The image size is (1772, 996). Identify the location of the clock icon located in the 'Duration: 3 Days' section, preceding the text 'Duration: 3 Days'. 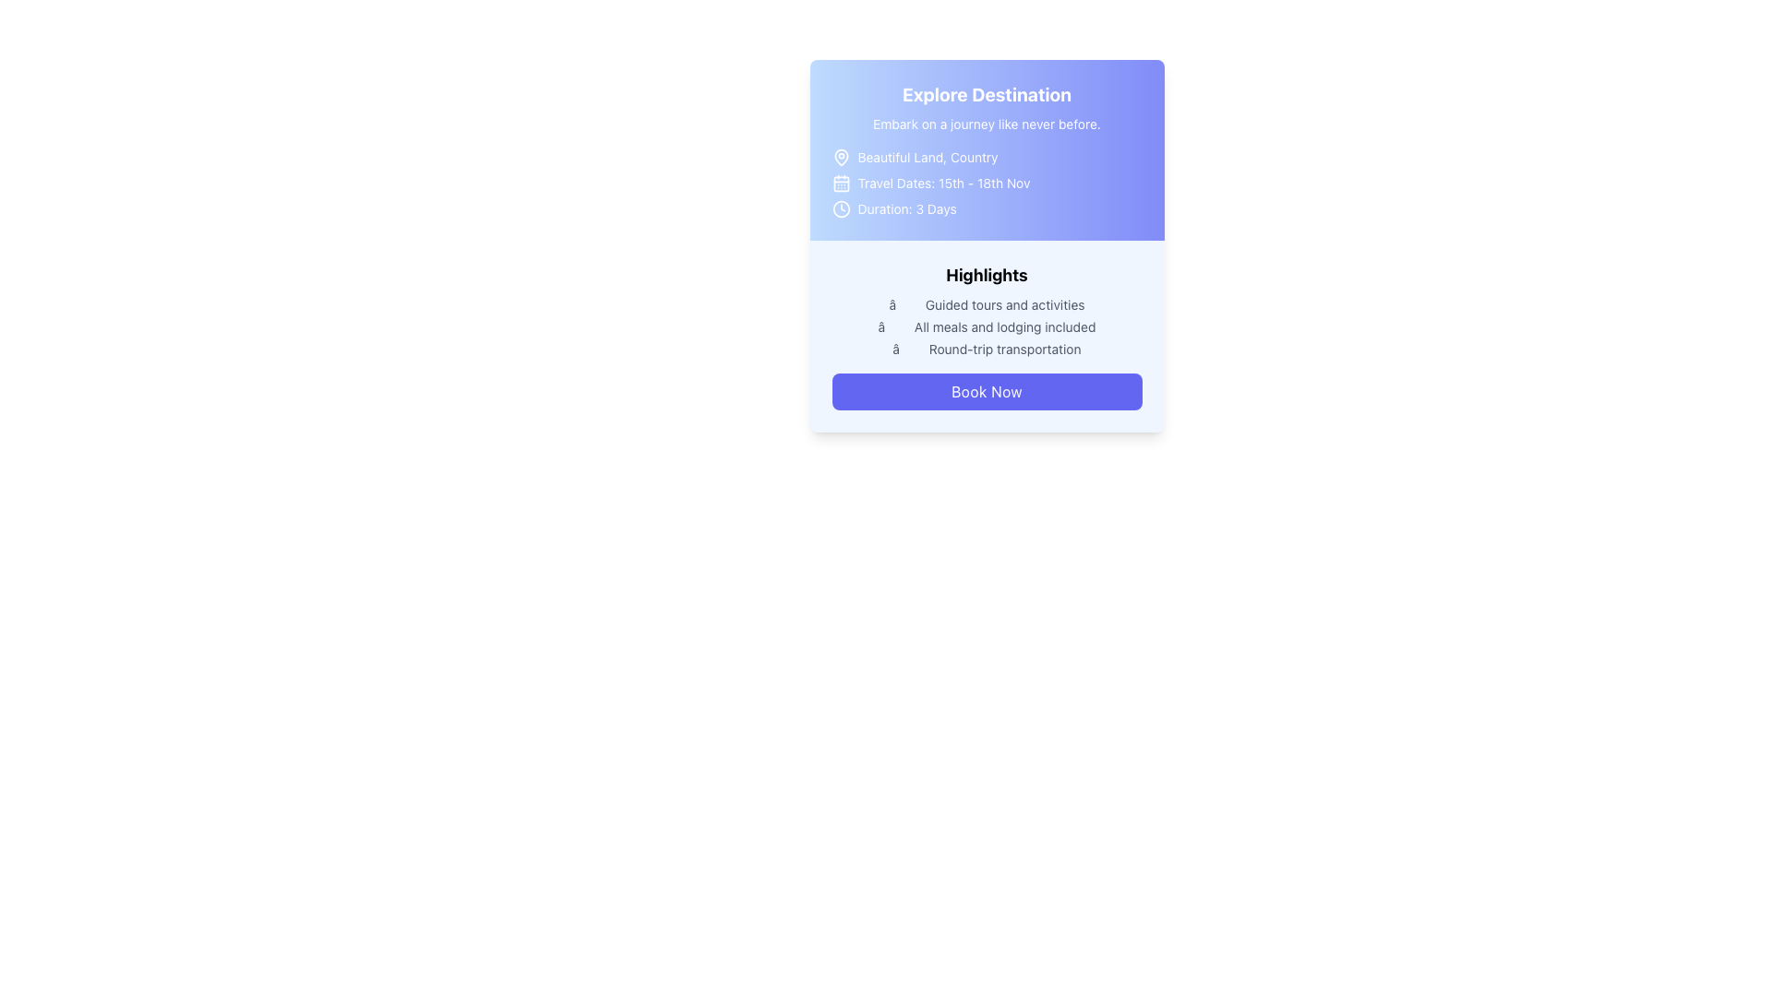
(840, 208).